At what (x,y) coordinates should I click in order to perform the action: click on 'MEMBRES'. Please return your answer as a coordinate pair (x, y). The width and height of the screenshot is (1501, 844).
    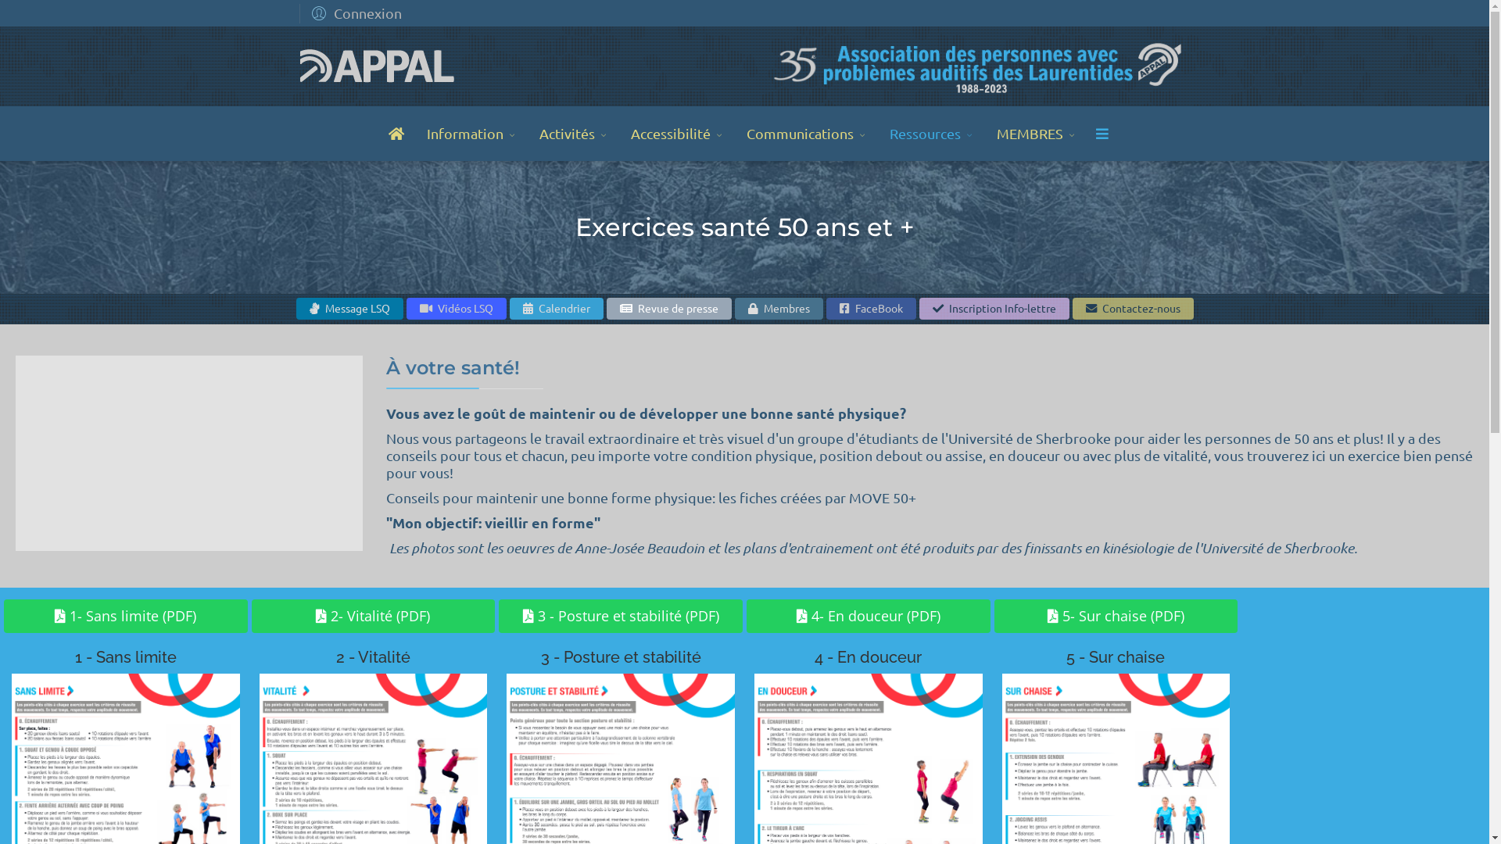
    Looking at the image, I should click on (1038, 132).